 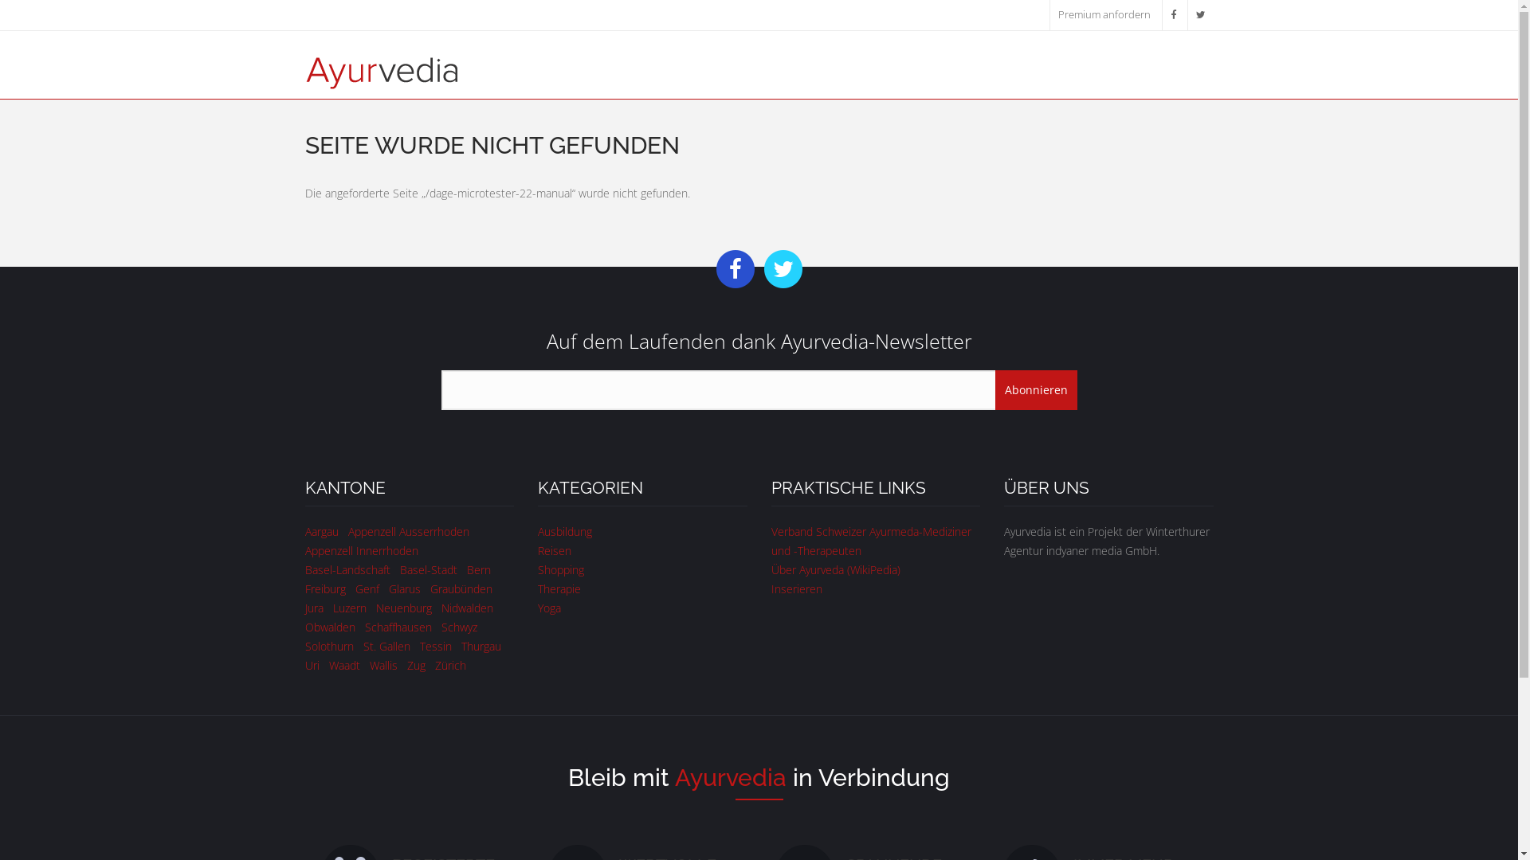 I want to click on 'Genf', so click(x=366, y=588).